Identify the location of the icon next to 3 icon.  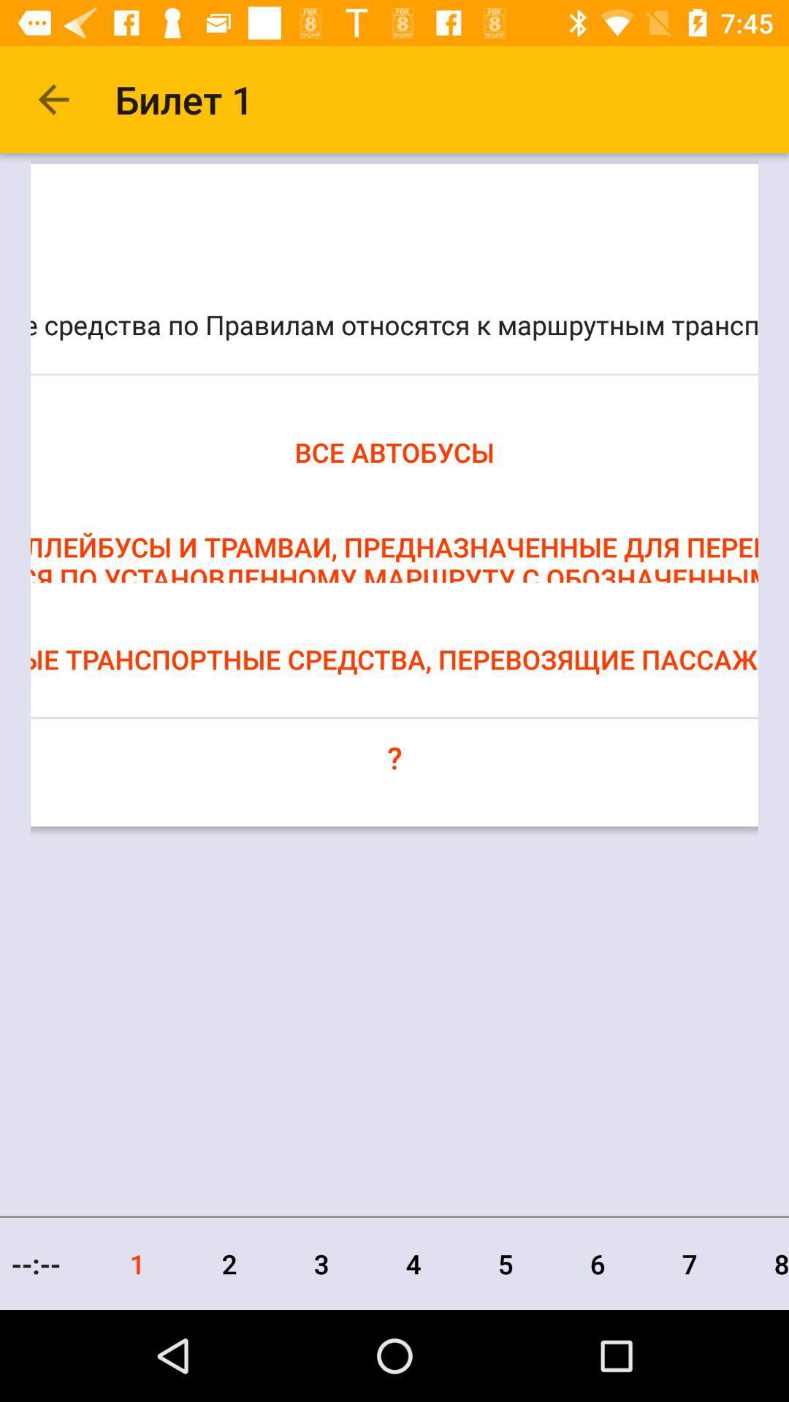
(229, 1263).